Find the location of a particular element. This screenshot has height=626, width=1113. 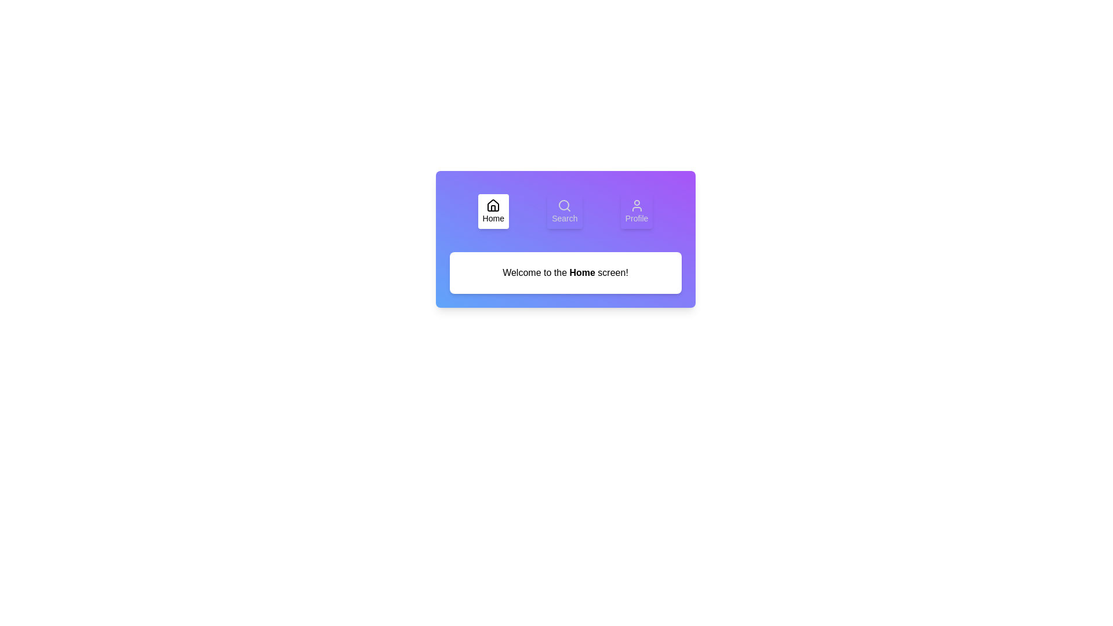

the search icon (magnifying glass) located at the center of the 'Search' button is located at coordinates (565, 205).